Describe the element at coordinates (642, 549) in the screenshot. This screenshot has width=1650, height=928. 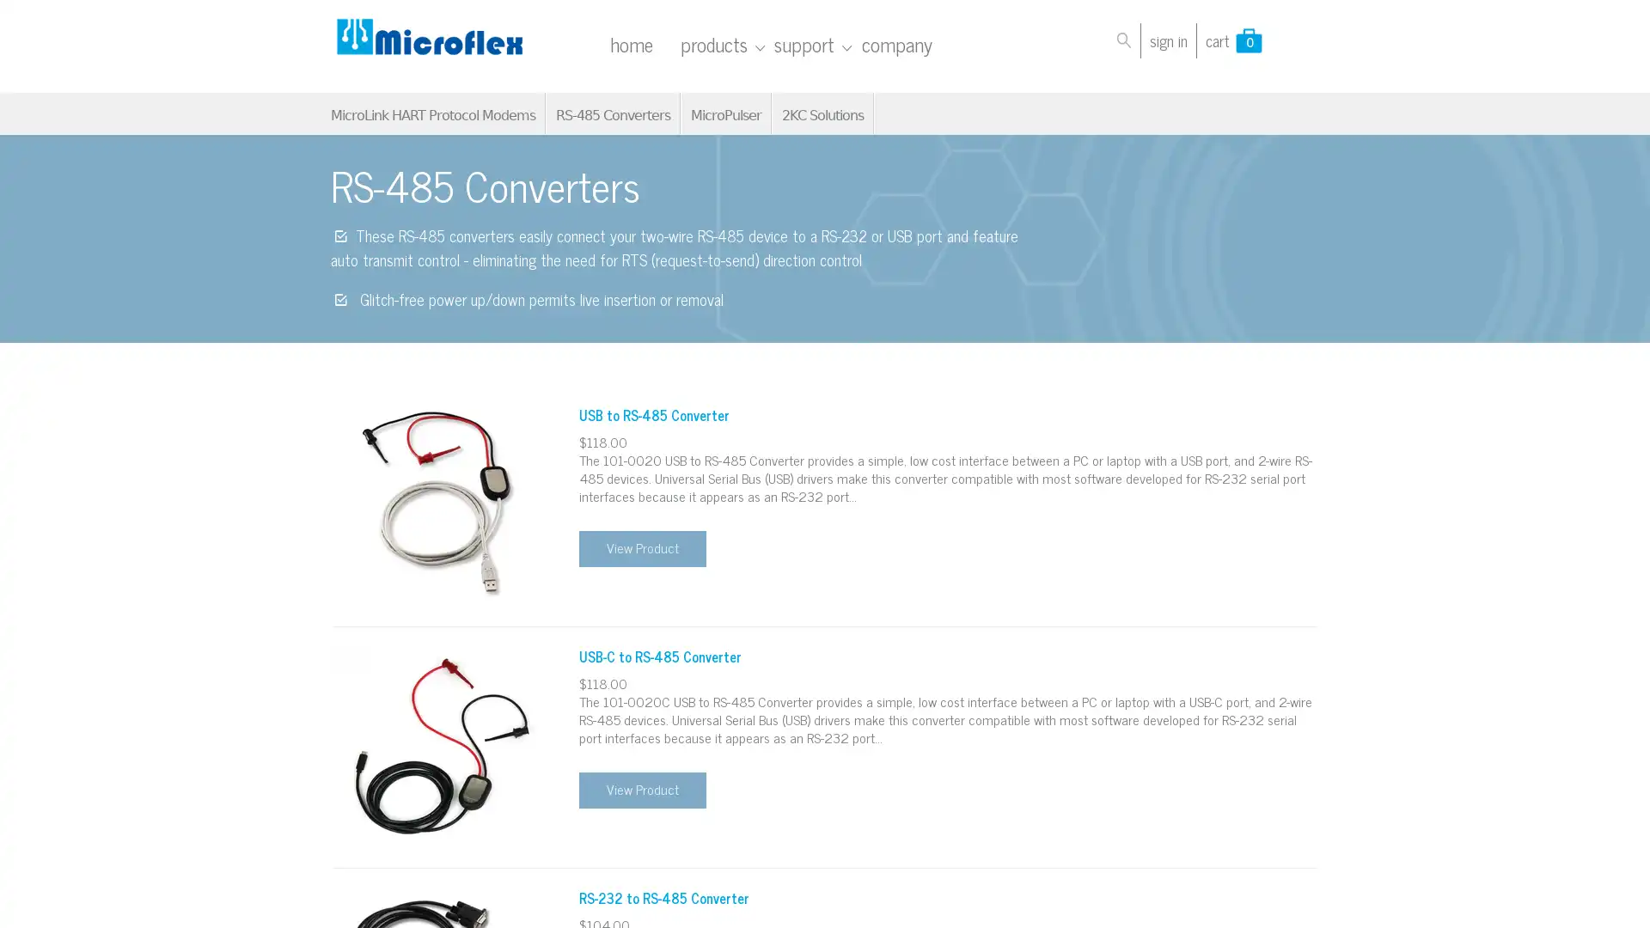
I see `View Product` at that location.